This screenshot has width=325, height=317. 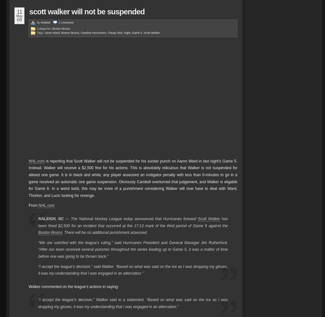 I want to click on 'Walker commented on the league’s actions in saying:', so click(x=74, y=286).